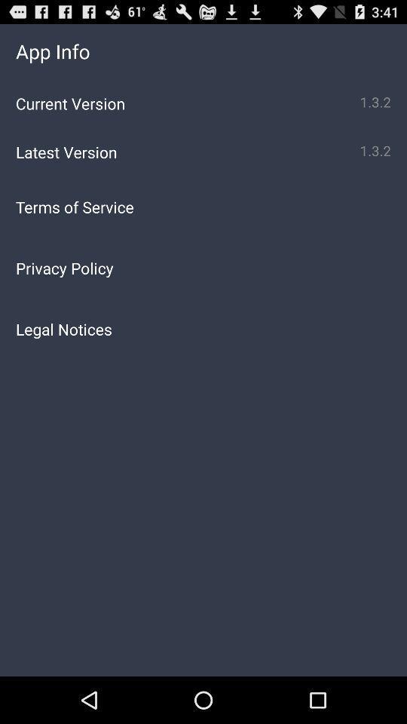  I want to click on the legal notices item, so click(203, 329).